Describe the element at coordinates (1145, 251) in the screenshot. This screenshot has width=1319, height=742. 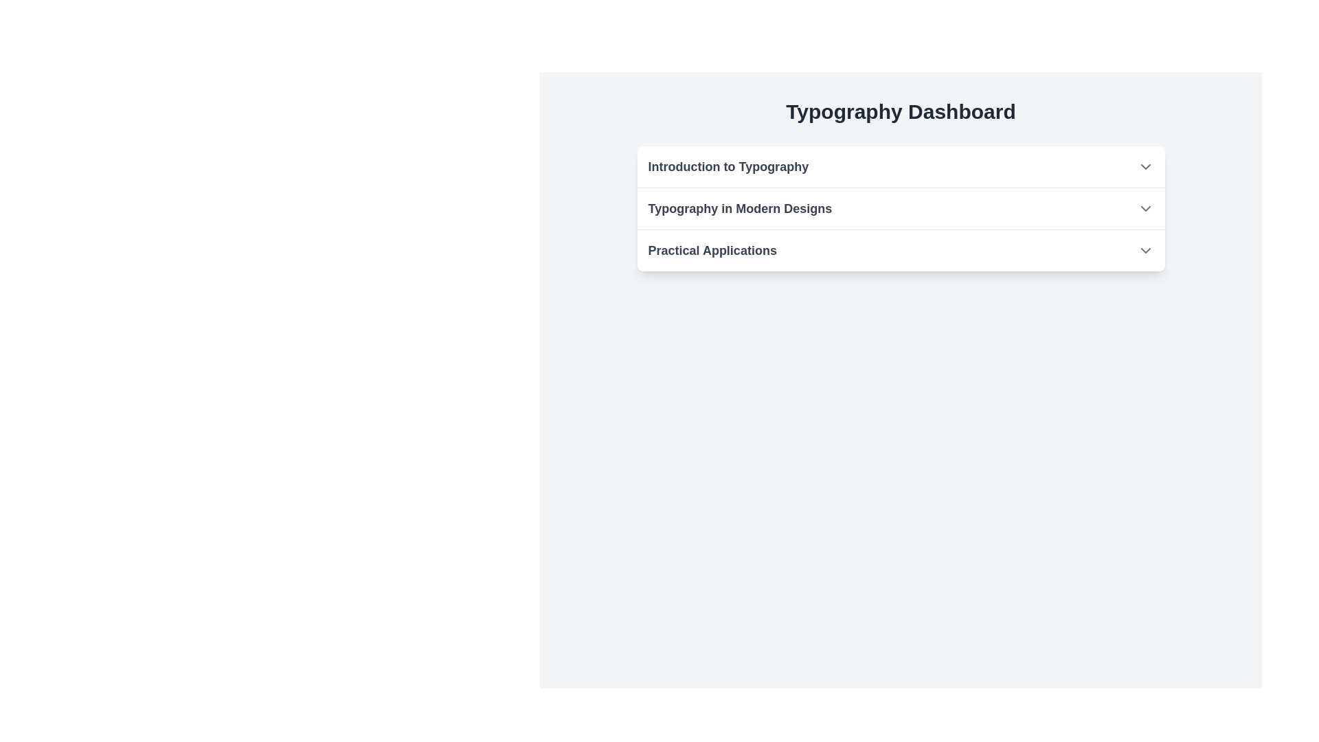
I see `the dropdown toggle button with a gray chevron icon located in the third row of the 'Typography Dashboard' list, next to 'Practical Applications'` at that location.